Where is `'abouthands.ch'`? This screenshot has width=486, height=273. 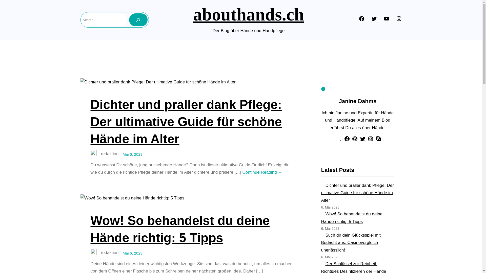
'abouthands.ch' is located at coordinates (249, 14).